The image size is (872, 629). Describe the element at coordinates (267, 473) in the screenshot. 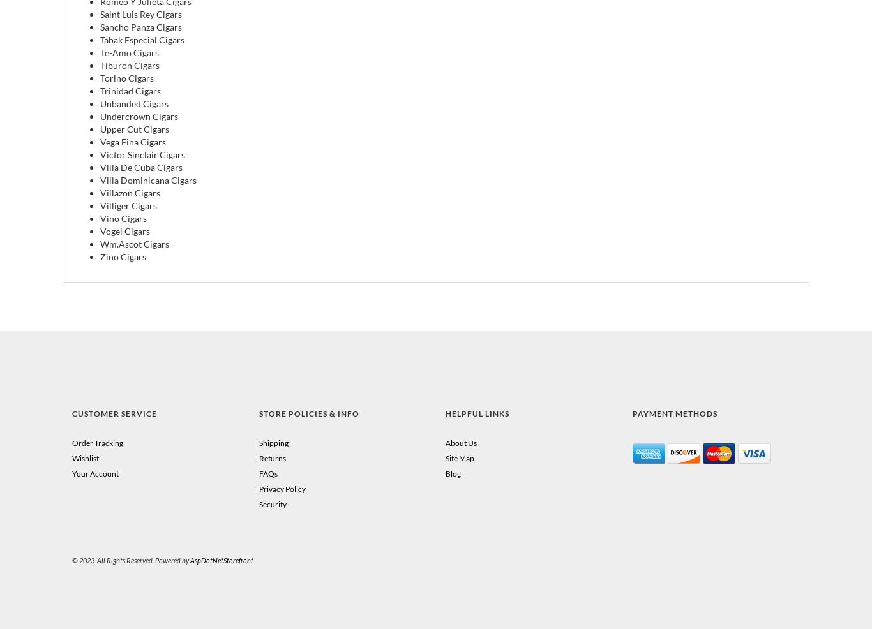

I see `'FAQs'` at that location.